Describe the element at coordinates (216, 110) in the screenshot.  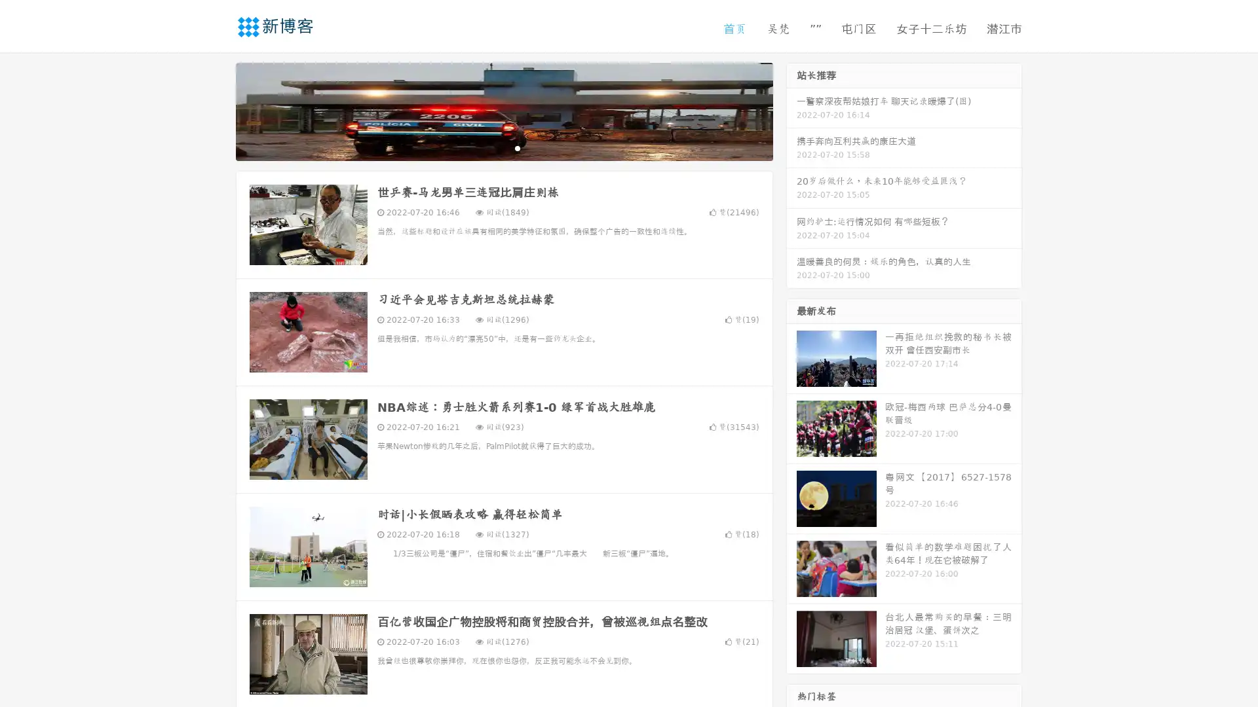
I see `Previous slide` at that location.